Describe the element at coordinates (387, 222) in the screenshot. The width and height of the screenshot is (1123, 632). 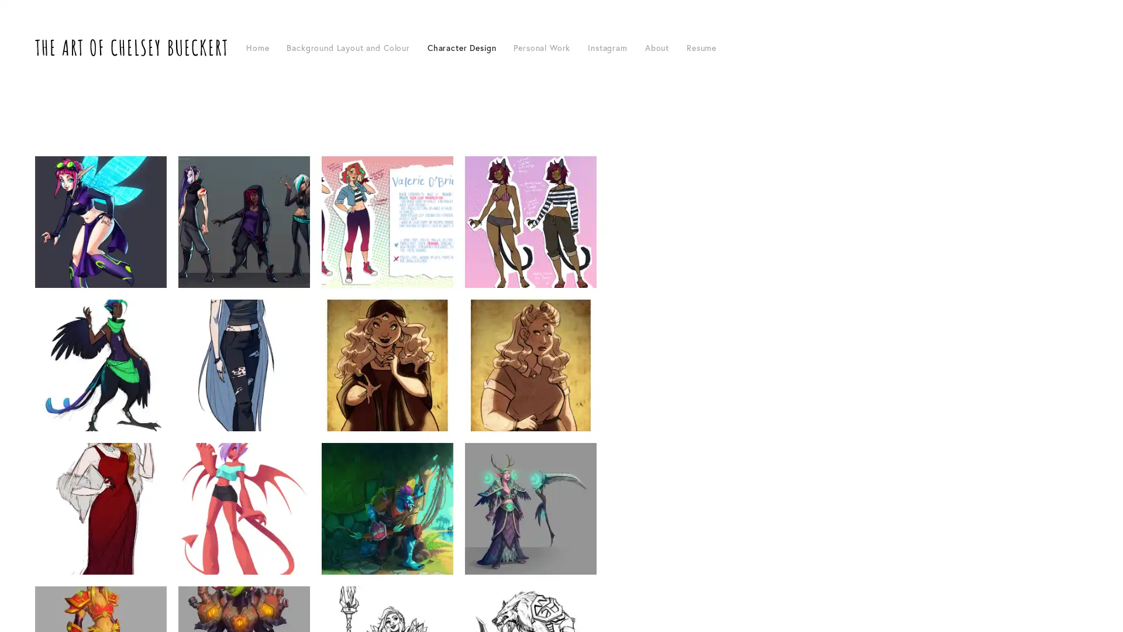
I see `View fullsize valref2.png` at that location.